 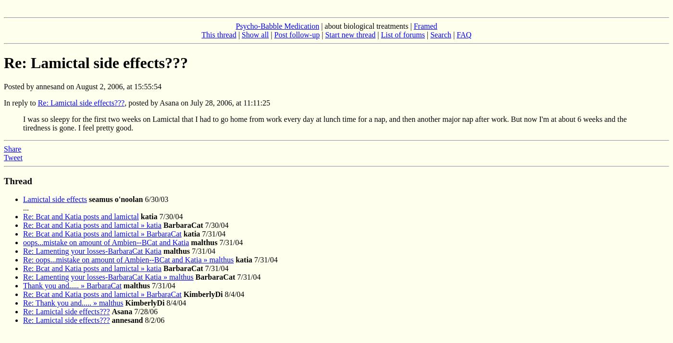 I want to click on 'This thread', so click(x=201, y=35).